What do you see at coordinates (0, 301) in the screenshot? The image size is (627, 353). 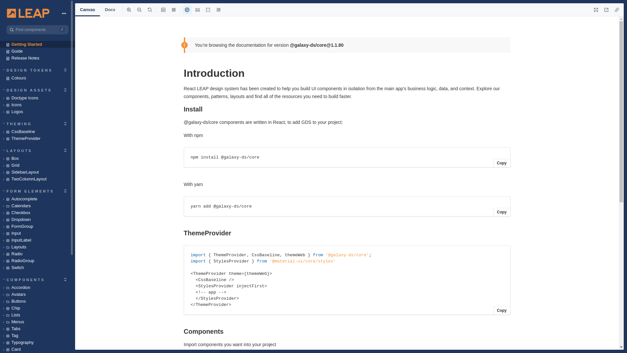 I see `'Buttons'` at bounding box center [0, 301].